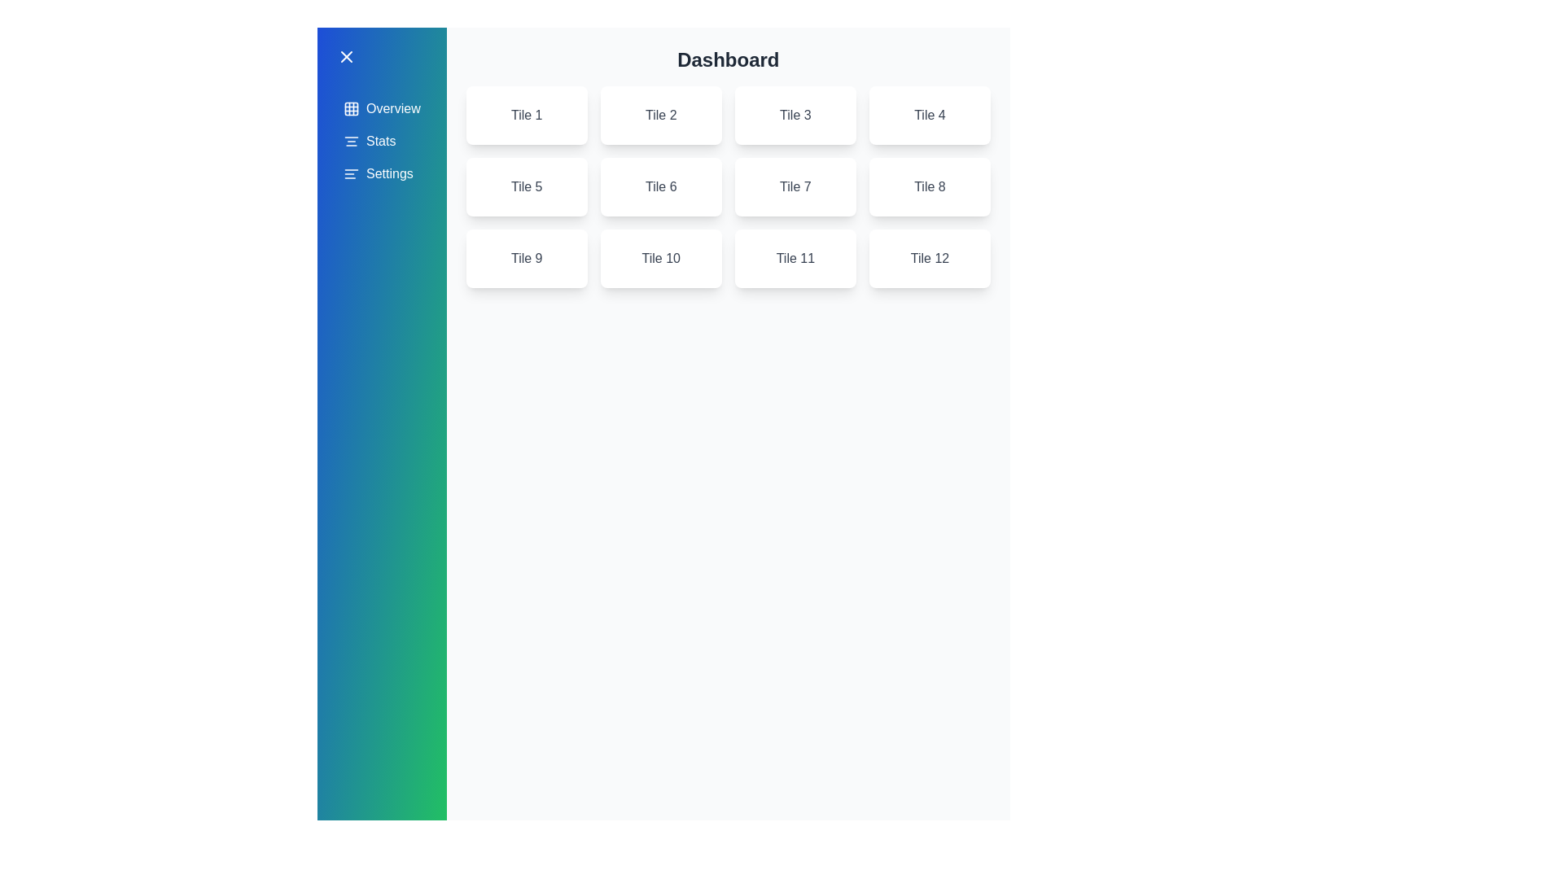 Image resolution: width=1563 pixels, height=879 pixels. What do you see at coordinates (381, 140) in the screenshot?
I see `the menu item Stats to see the hover effect` at bounding box center [381, 140].